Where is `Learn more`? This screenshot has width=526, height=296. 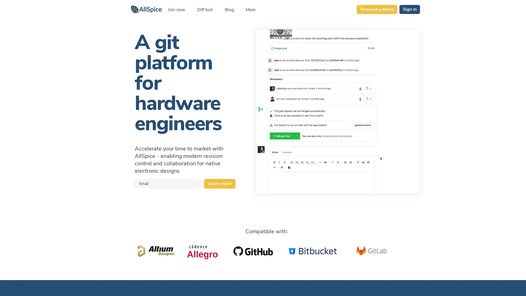
Learn more is located at coordinates (220, 184).